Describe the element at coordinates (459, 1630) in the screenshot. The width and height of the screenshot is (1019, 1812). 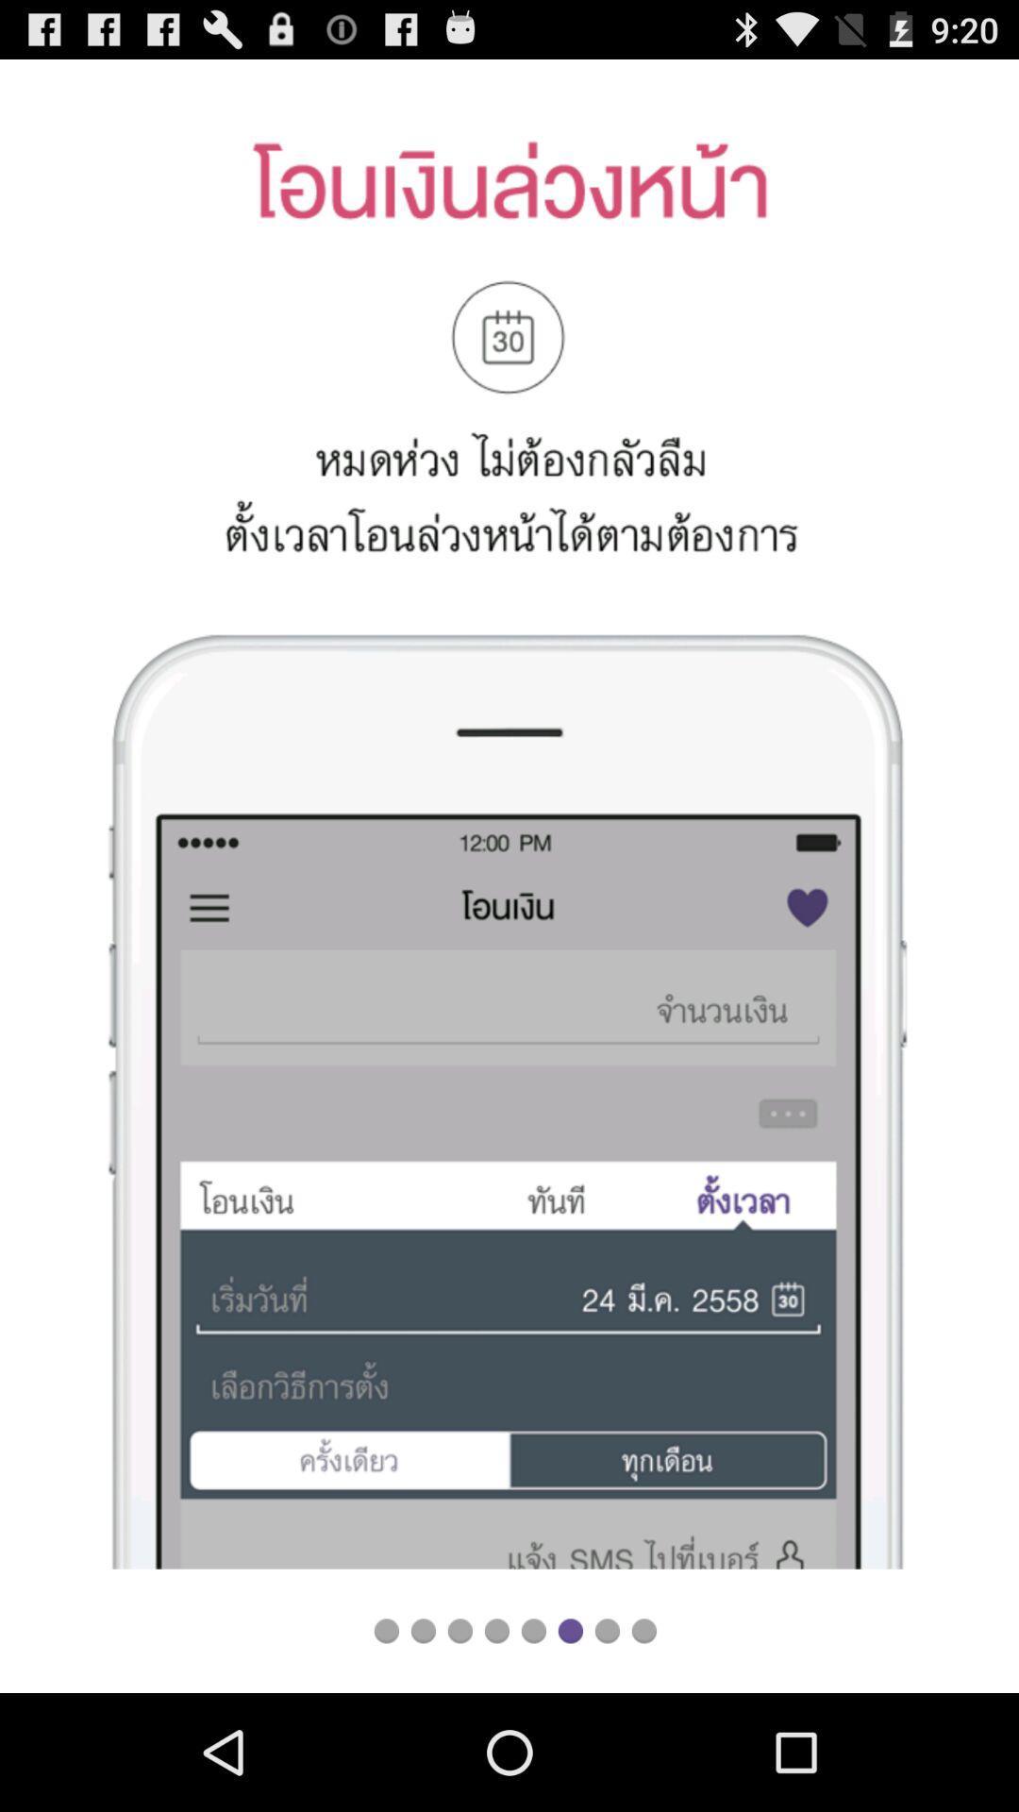
I see `previous image` at that location.